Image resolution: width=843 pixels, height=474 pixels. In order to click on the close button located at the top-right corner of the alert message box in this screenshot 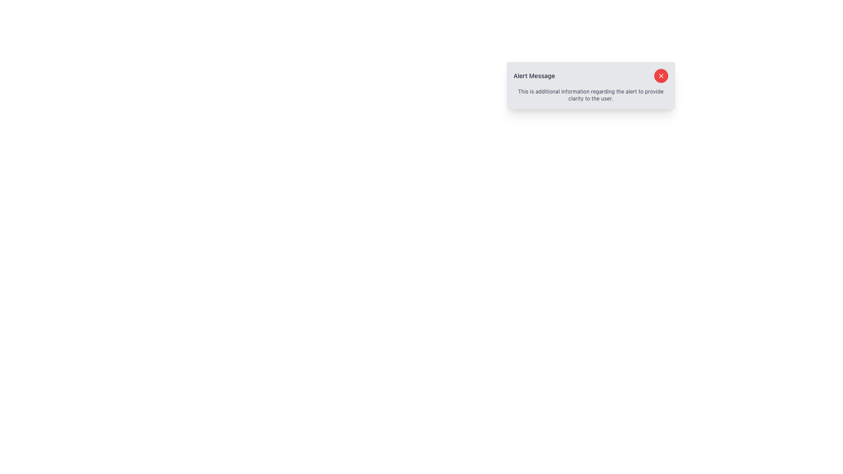, I will do `click(661, 75)`.